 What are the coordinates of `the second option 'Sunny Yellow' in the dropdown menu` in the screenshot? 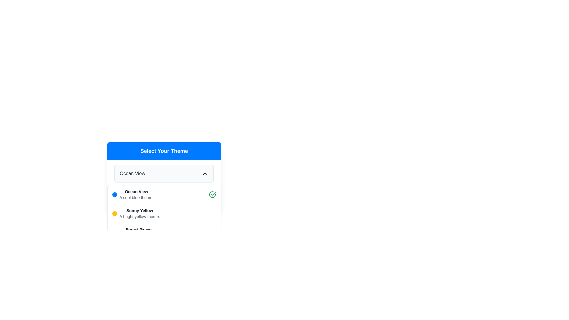 It's located at (164, 214).